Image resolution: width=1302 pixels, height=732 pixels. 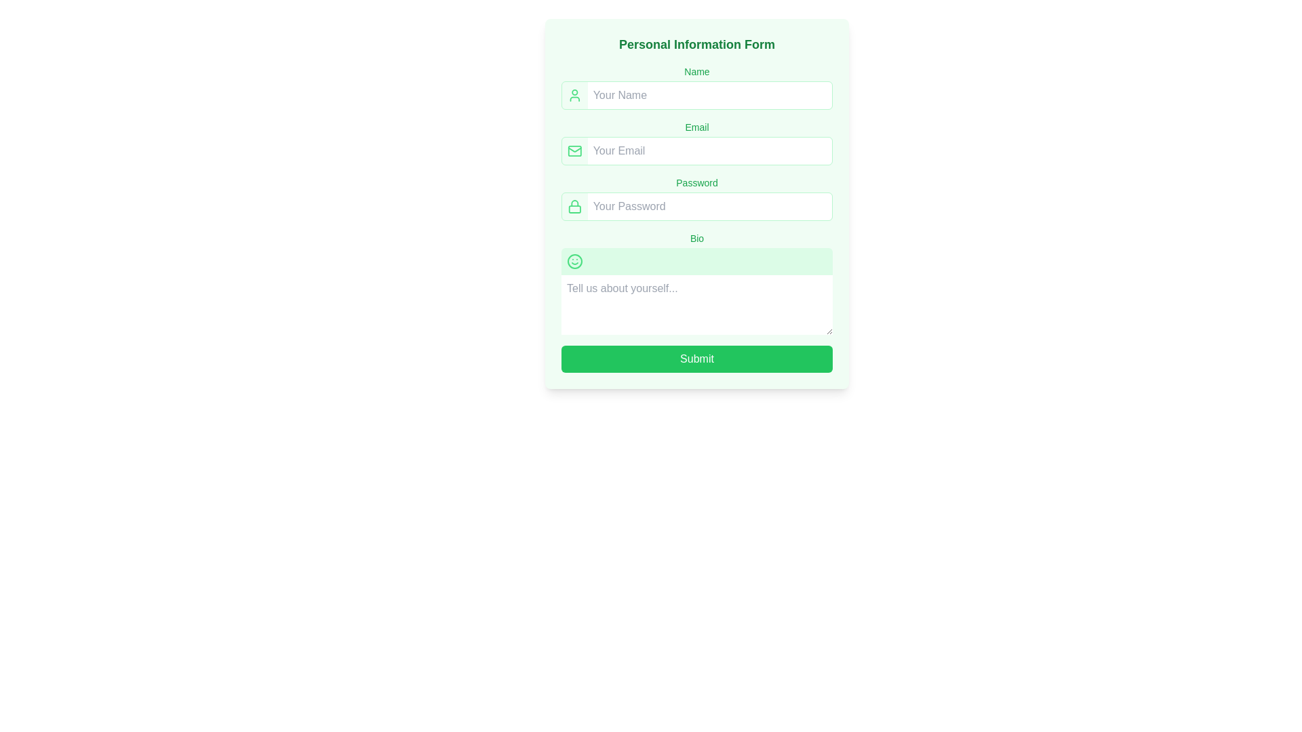 I want to click on the 'Password' label, which is styled in green and positioned above the password input field within the form layout, so click(x=696, y=183).